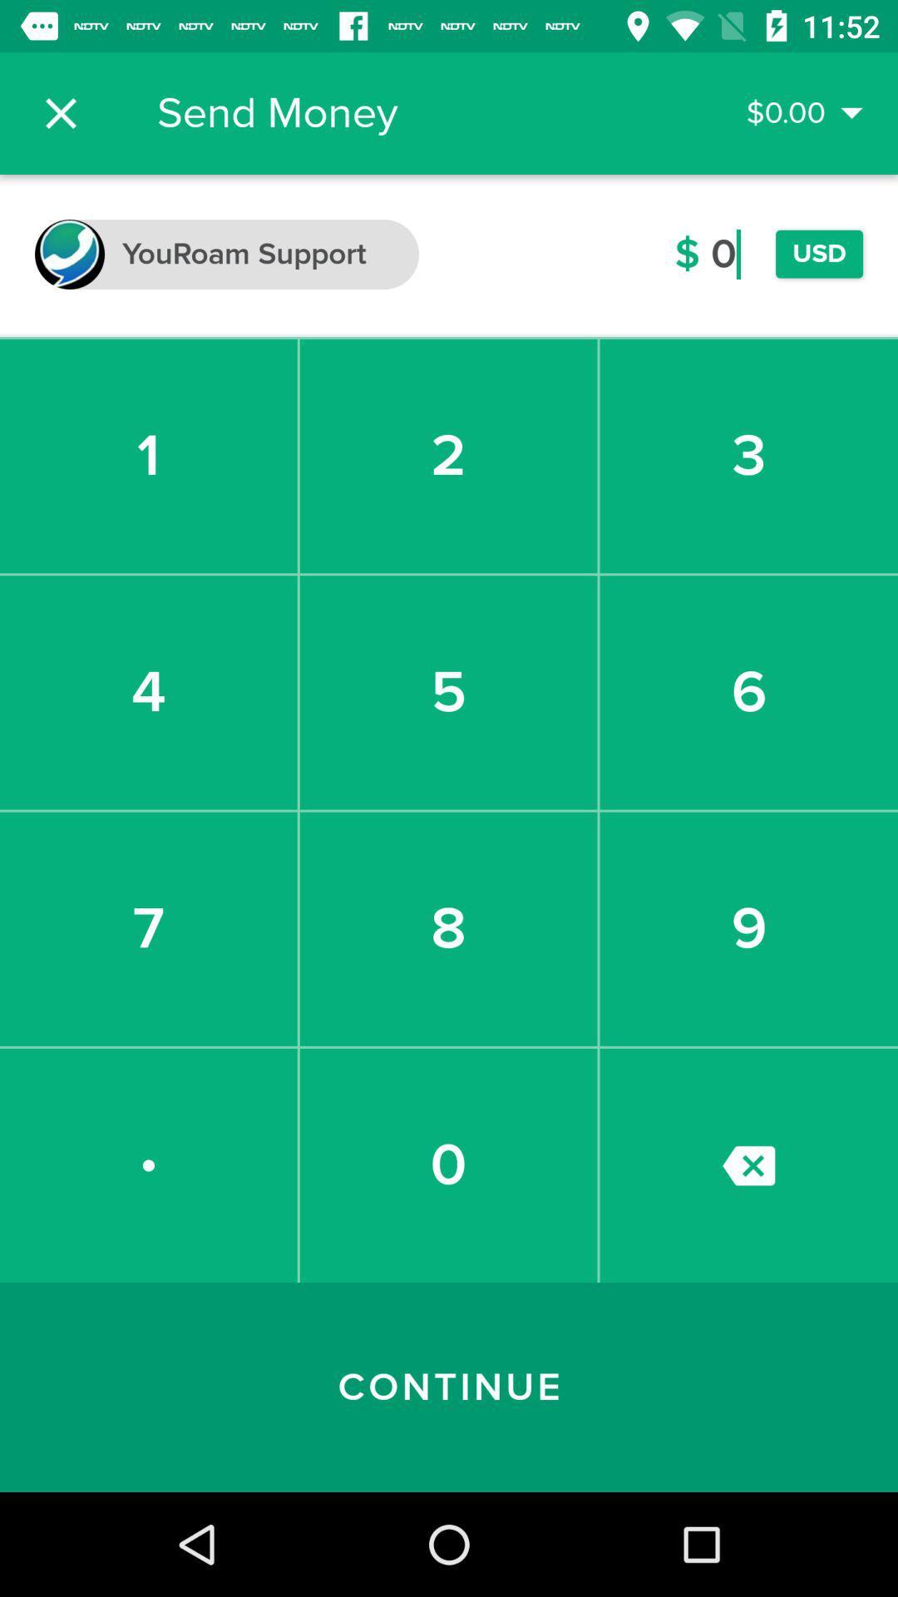 Image resolution: width=898 pixels, height=1597 pixels. I want to click on icon next to send money, so click(60, 112).